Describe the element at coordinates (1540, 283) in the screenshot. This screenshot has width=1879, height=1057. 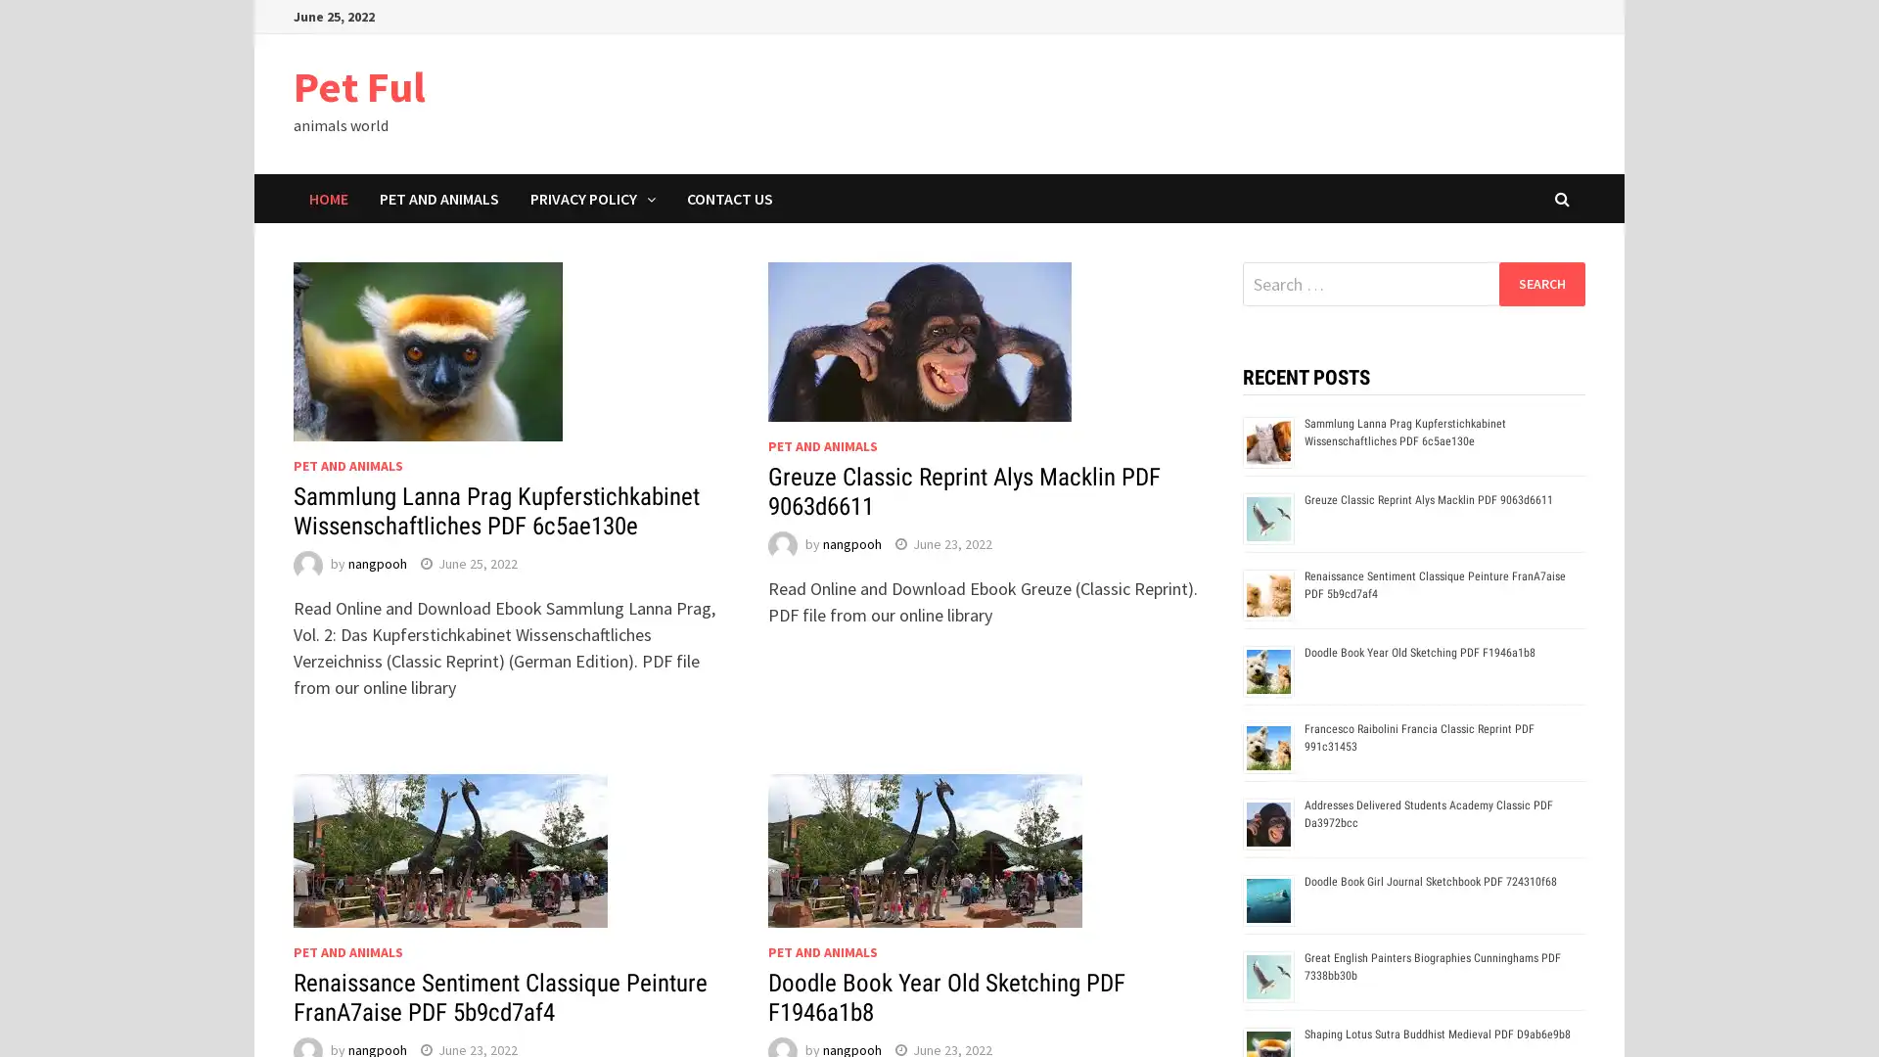
I see `Search` at that location.